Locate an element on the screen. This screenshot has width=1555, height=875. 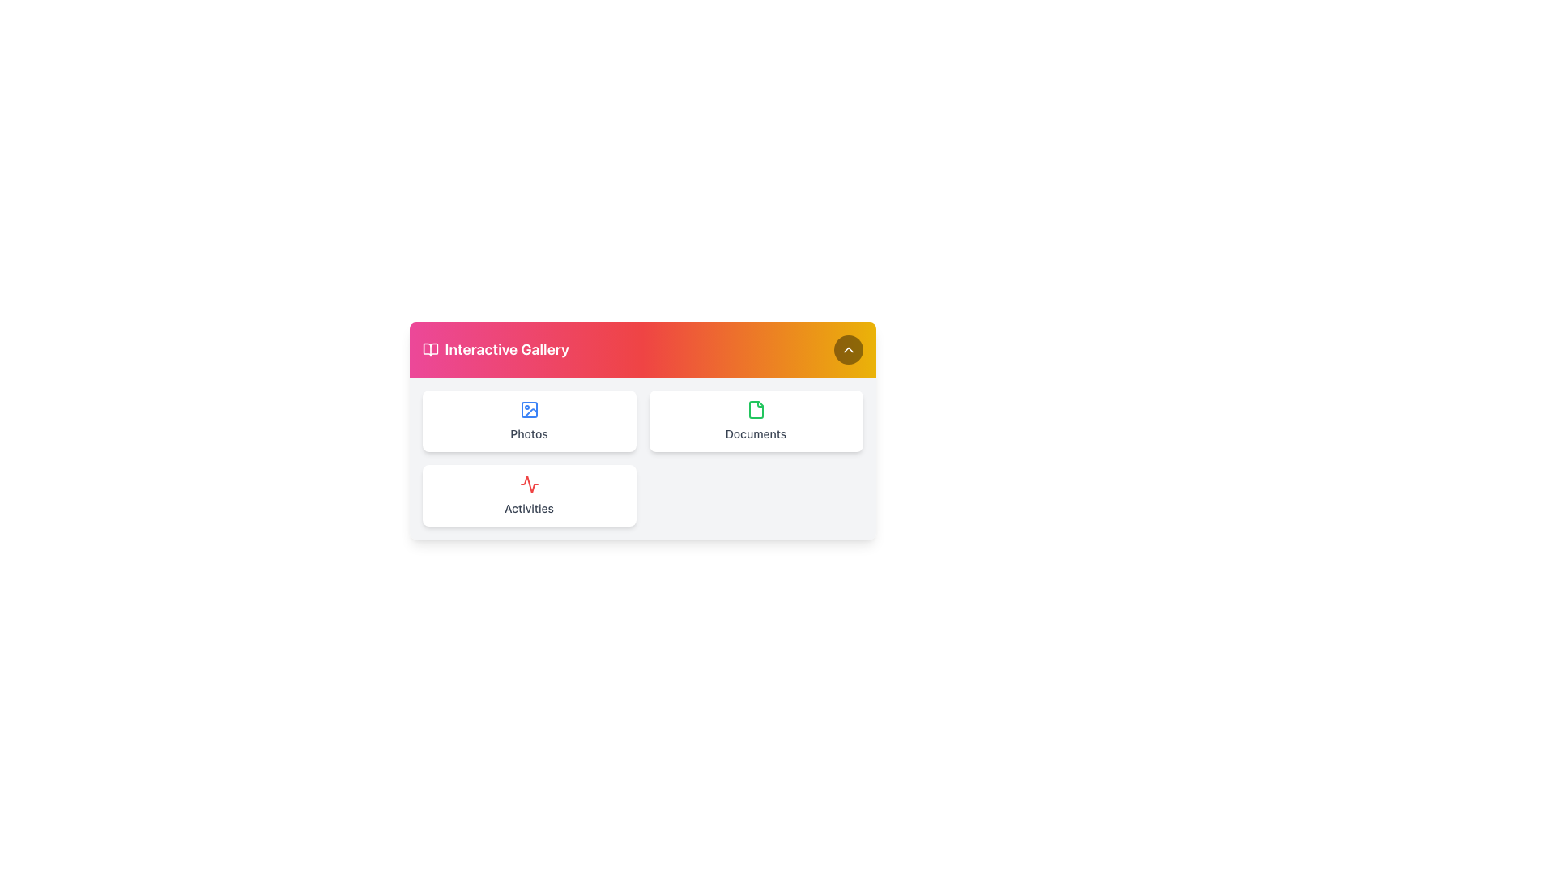
the 'Documents' text label located within the card with a document icon, positioned on the right side of the two-by-two grid layout is located at coordinates (755, 433).